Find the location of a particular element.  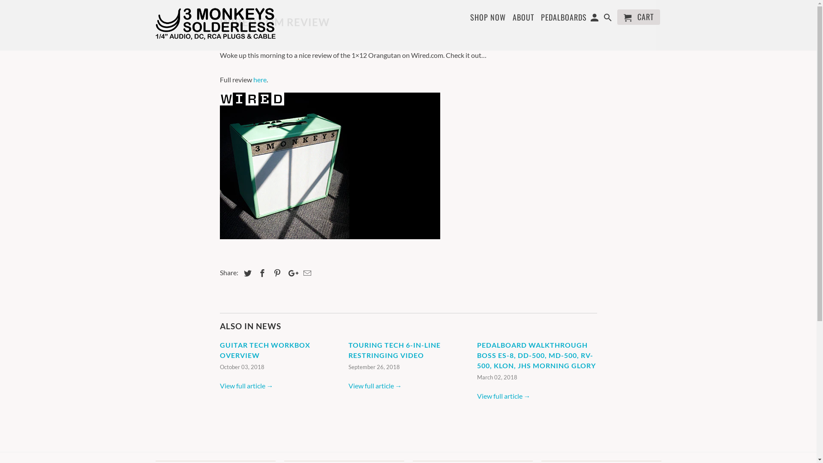

'3Monkeys Solderless' is located at coordinates (215, 23).